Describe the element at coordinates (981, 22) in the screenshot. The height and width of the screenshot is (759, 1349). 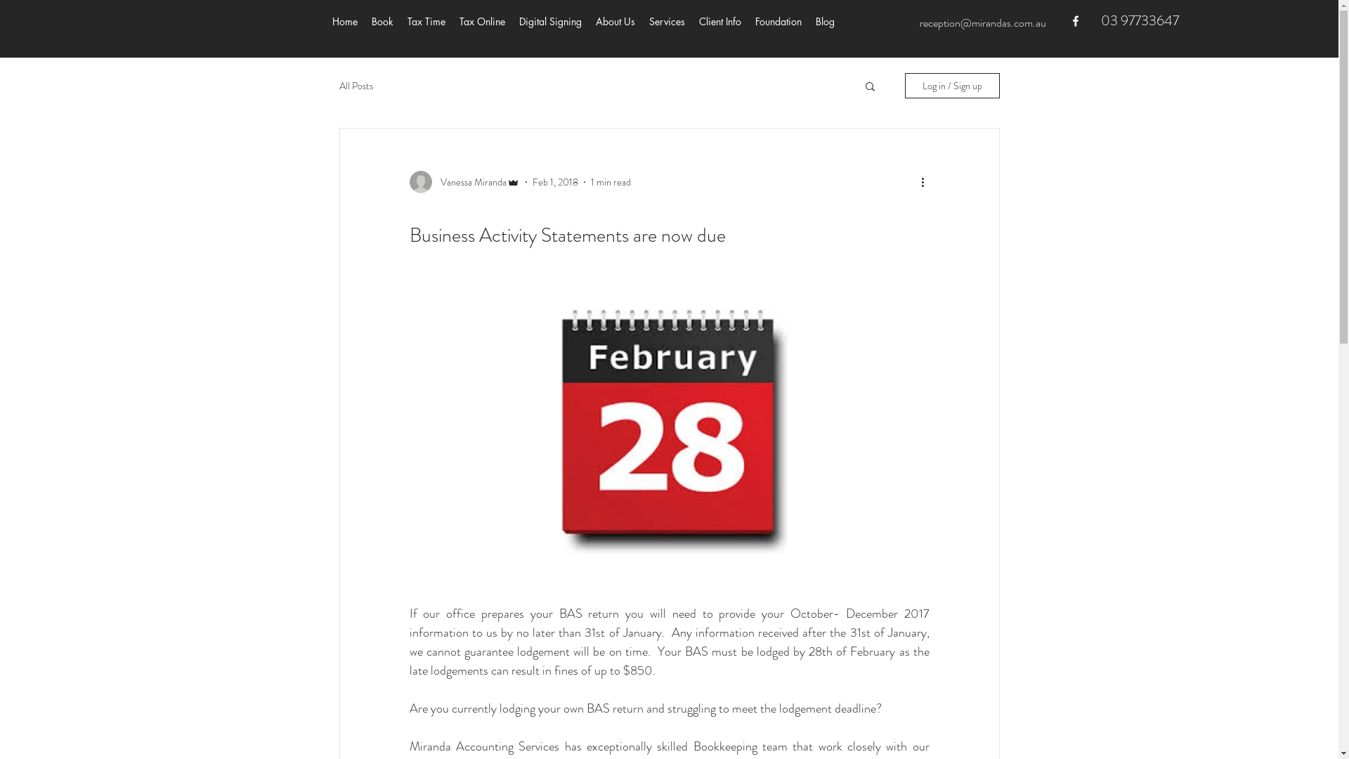
I see `'reception@mirandas.com.au'` at that location.